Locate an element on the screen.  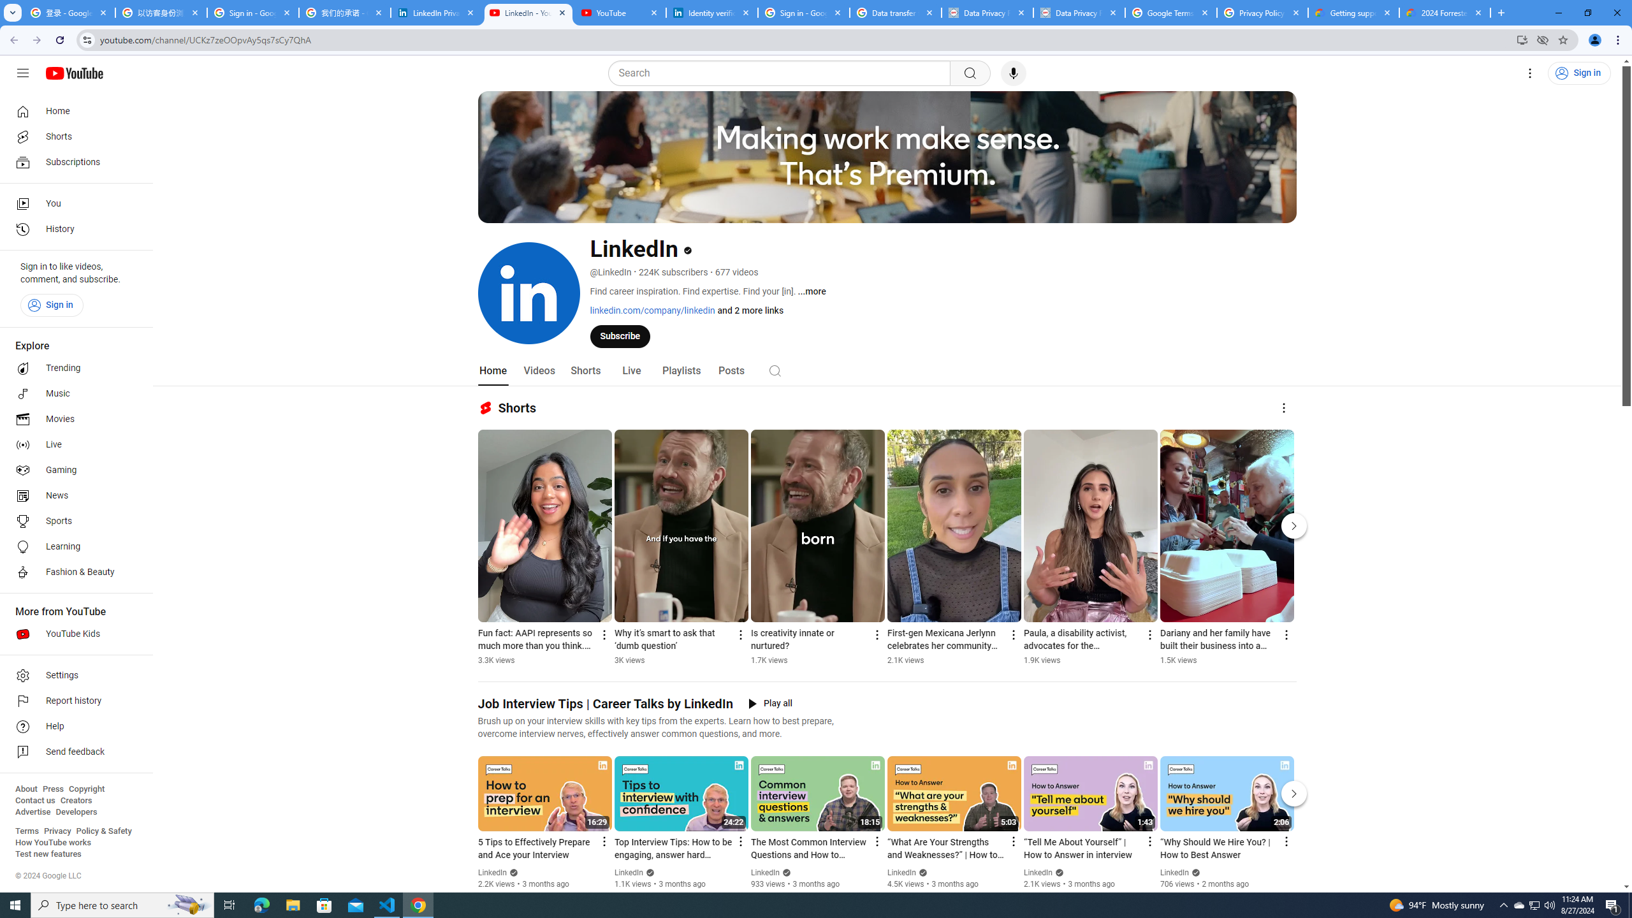
'Privacy' is located at coordinates (57, 830).